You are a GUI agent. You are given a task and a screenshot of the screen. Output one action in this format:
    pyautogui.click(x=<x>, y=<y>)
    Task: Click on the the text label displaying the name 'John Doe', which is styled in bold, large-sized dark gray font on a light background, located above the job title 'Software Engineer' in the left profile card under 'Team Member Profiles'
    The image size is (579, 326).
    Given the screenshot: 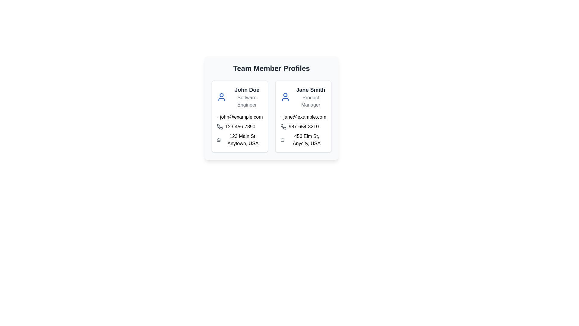 What is the action you would take?
    pyautogui.click(x=247, y=90)
    